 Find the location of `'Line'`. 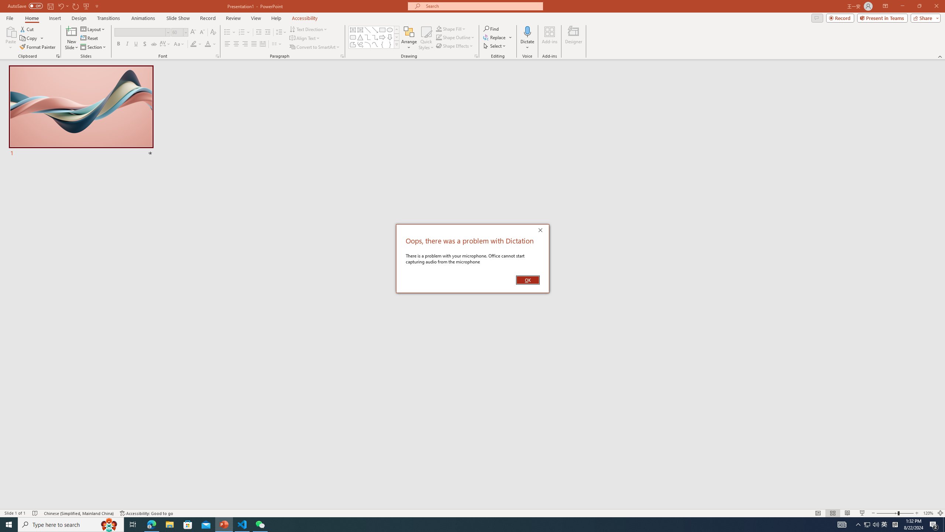

'Line' is located at coordinates (367, 30).